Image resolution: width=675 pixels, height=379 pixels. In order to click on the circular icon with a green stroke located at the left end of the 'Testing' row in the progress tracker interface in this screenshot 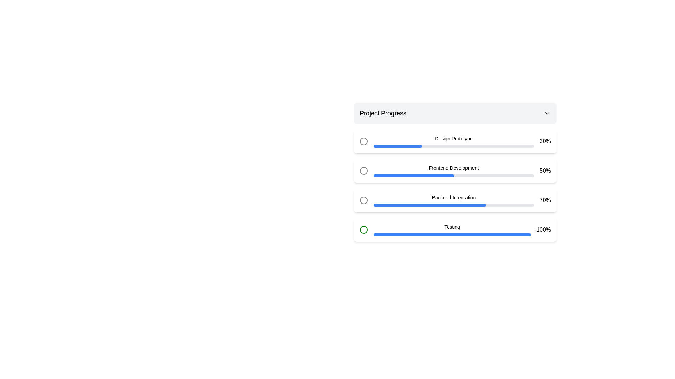, I will do `click(364, 230)`.